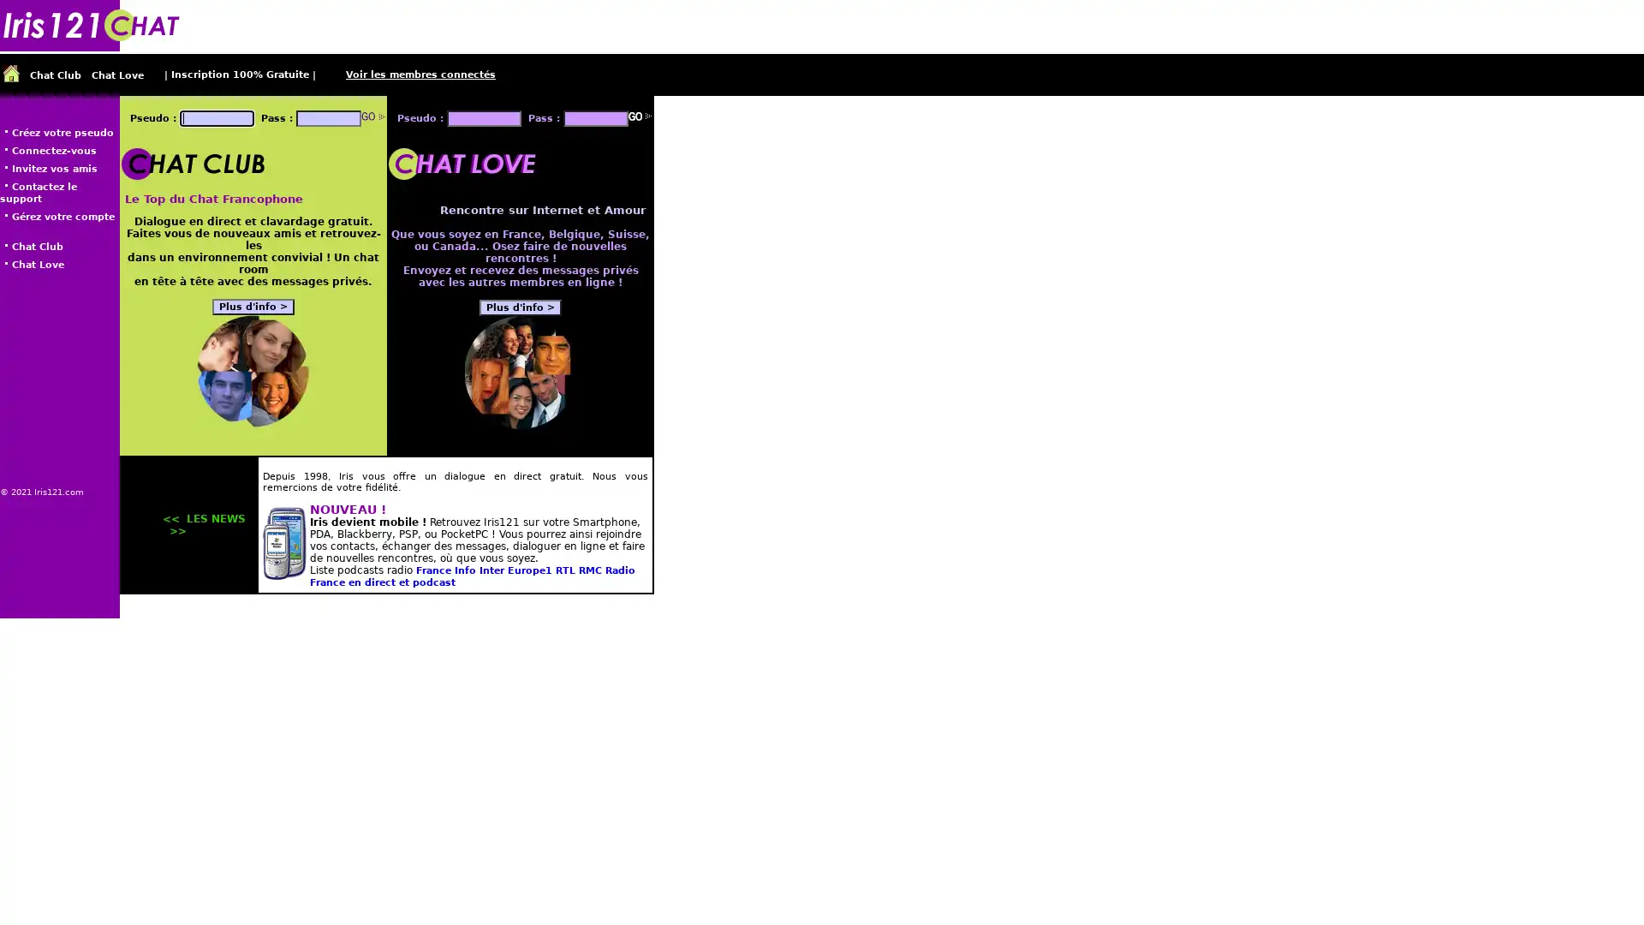 The height and width of the screenshot is (925, 1644). Describe the element at coordinates (253, 306) in the screenshot. I see `Plus d'info >` at that location.